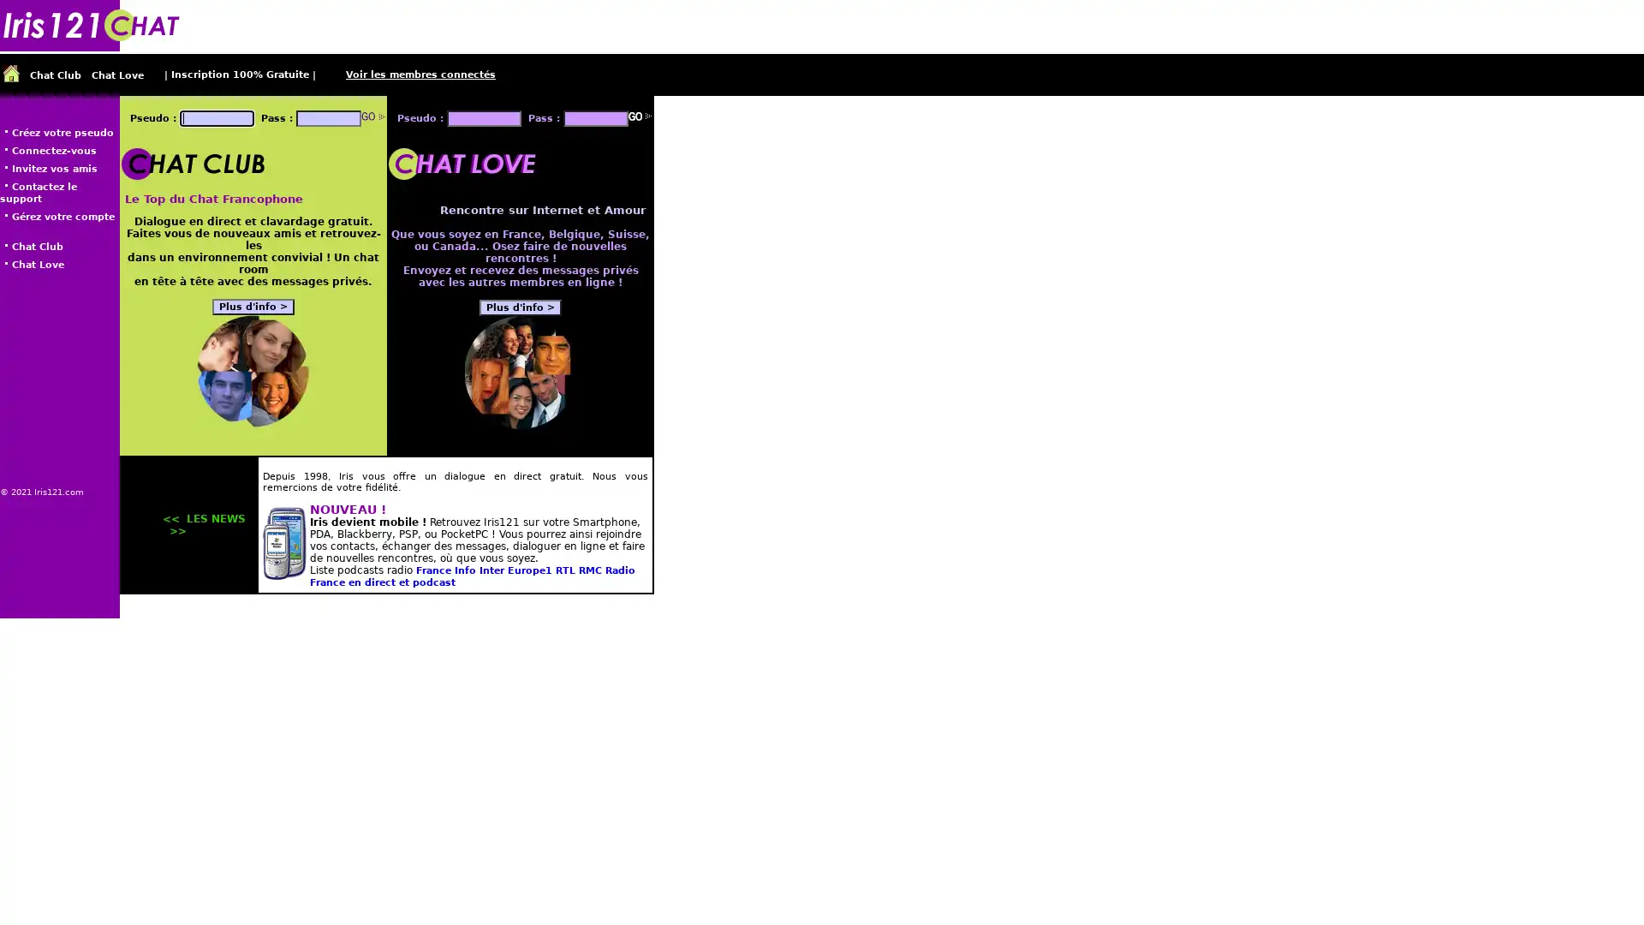 The height and width of the screenshot is (925, 1644). Describe the element at coordinates (253, 306) in the screenshot. I see `Plus d'info >` at that location.